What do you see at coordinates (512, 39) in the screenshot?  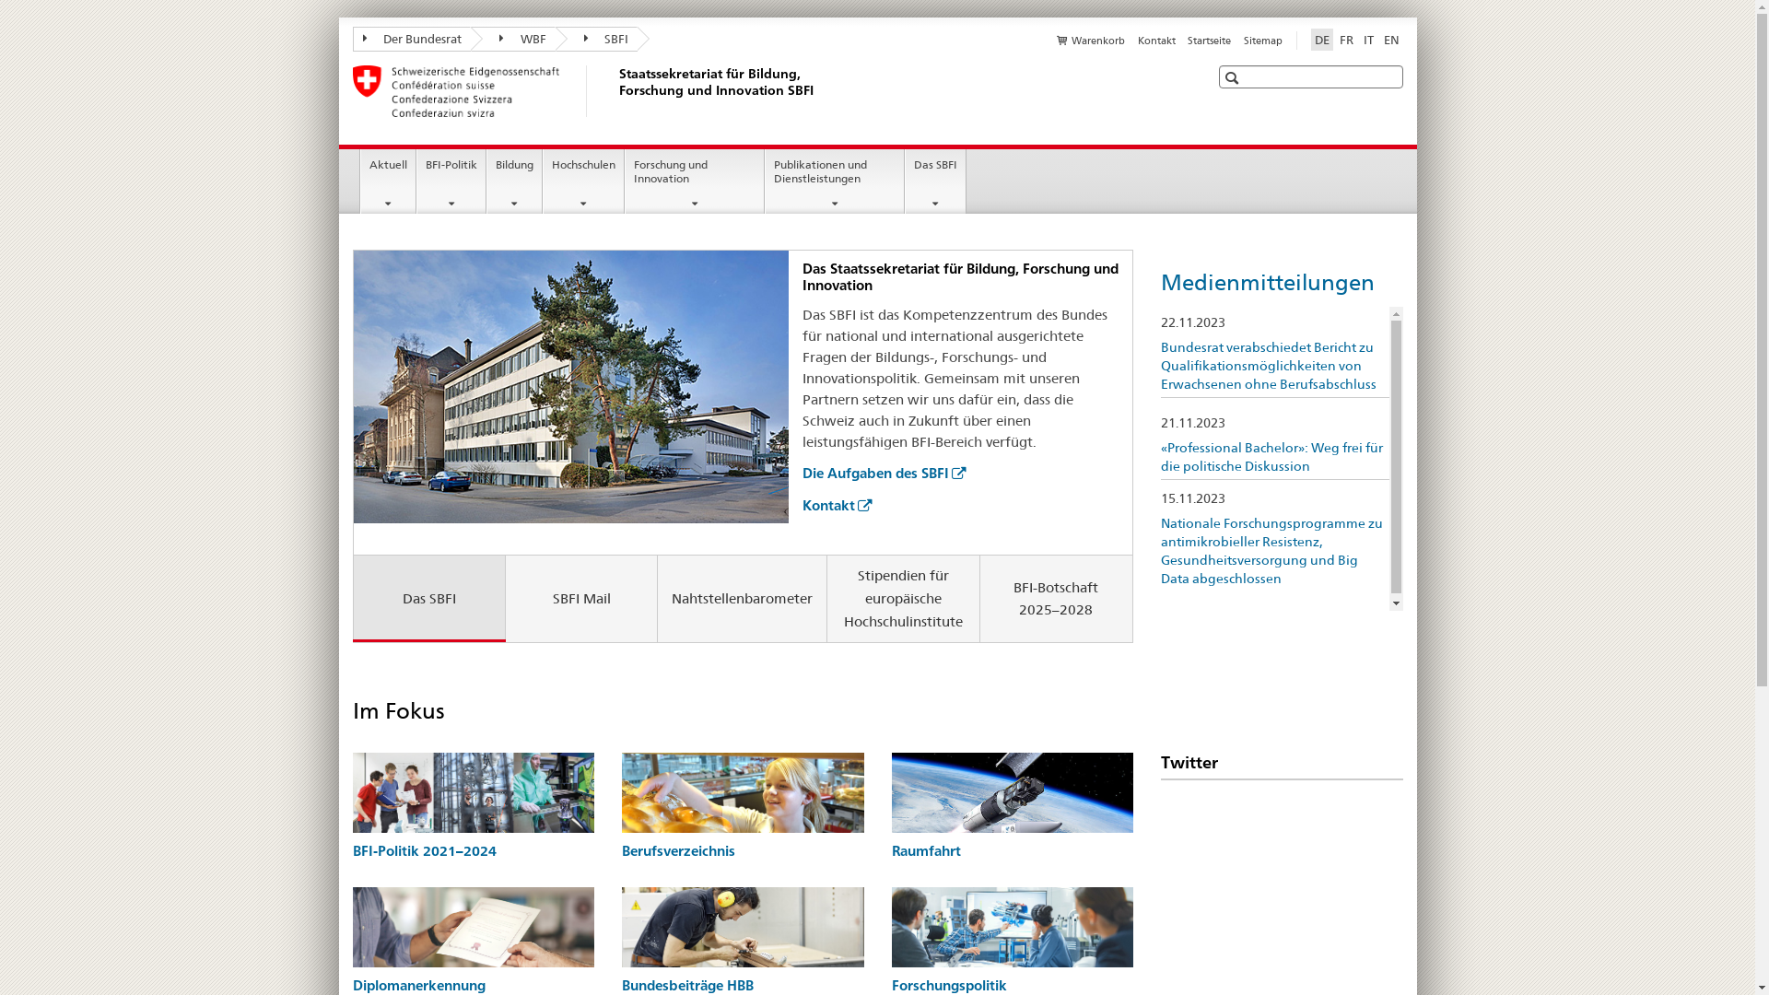 I see `'WBF'` at bounding box center [512, 39].